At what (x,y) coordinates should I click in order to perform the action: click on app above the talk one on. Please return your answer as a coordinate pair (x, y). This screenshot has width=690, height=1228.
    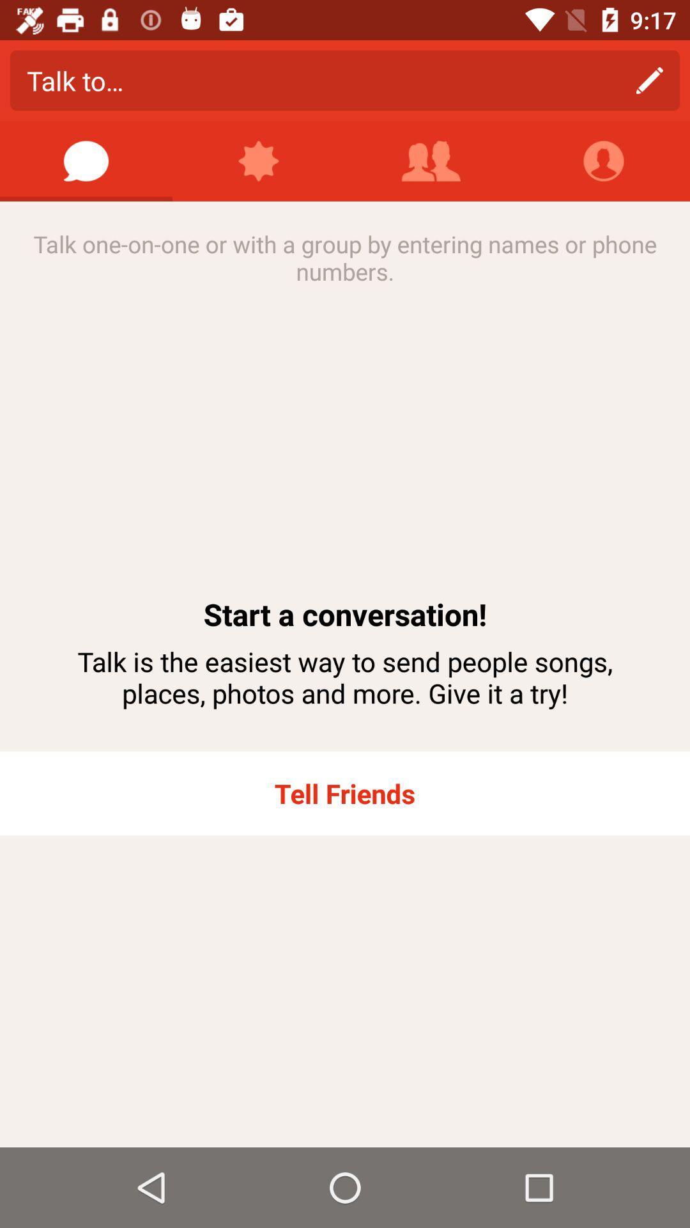
    Looking at the image, I should click on (431, 161).